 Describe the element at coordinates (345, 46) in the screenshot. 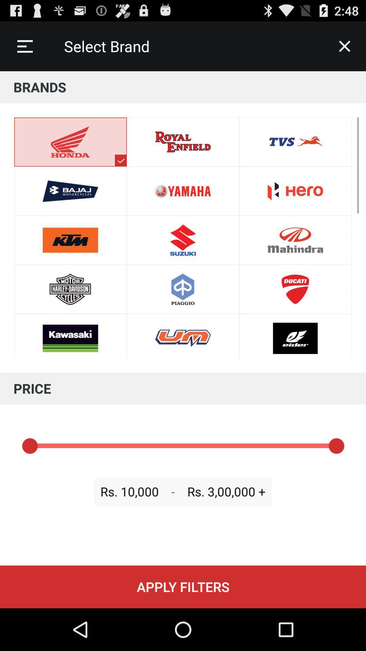

I see `the cross mark icon at the top right corner` at that location.